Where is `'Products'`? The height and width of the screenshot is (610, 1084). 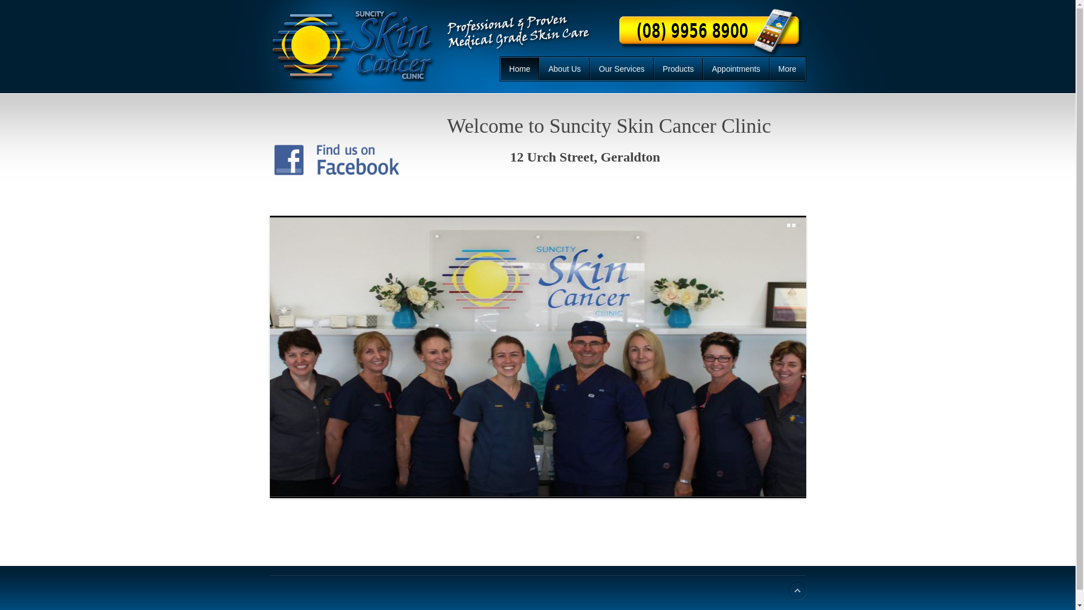 'Products' is located at coordinates (653, 69).